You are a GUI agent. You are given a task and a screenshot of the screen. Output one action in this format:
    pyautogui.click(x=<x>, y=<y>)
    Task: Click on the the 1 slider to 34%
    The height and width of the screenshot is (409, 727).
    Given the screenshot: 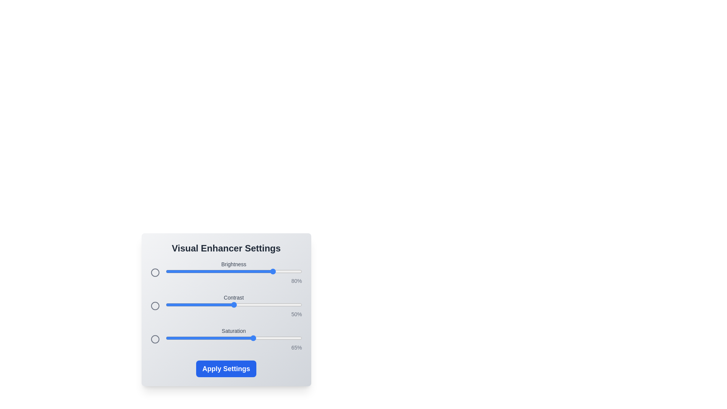 What is the action you would take?
    pyautogui.click(x=212, y=304)
    